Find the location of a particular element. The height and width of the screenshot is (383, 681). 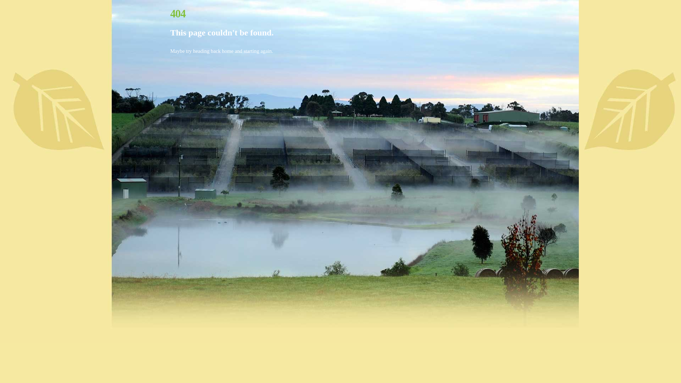

'home' is located at coordinates (228, 50).